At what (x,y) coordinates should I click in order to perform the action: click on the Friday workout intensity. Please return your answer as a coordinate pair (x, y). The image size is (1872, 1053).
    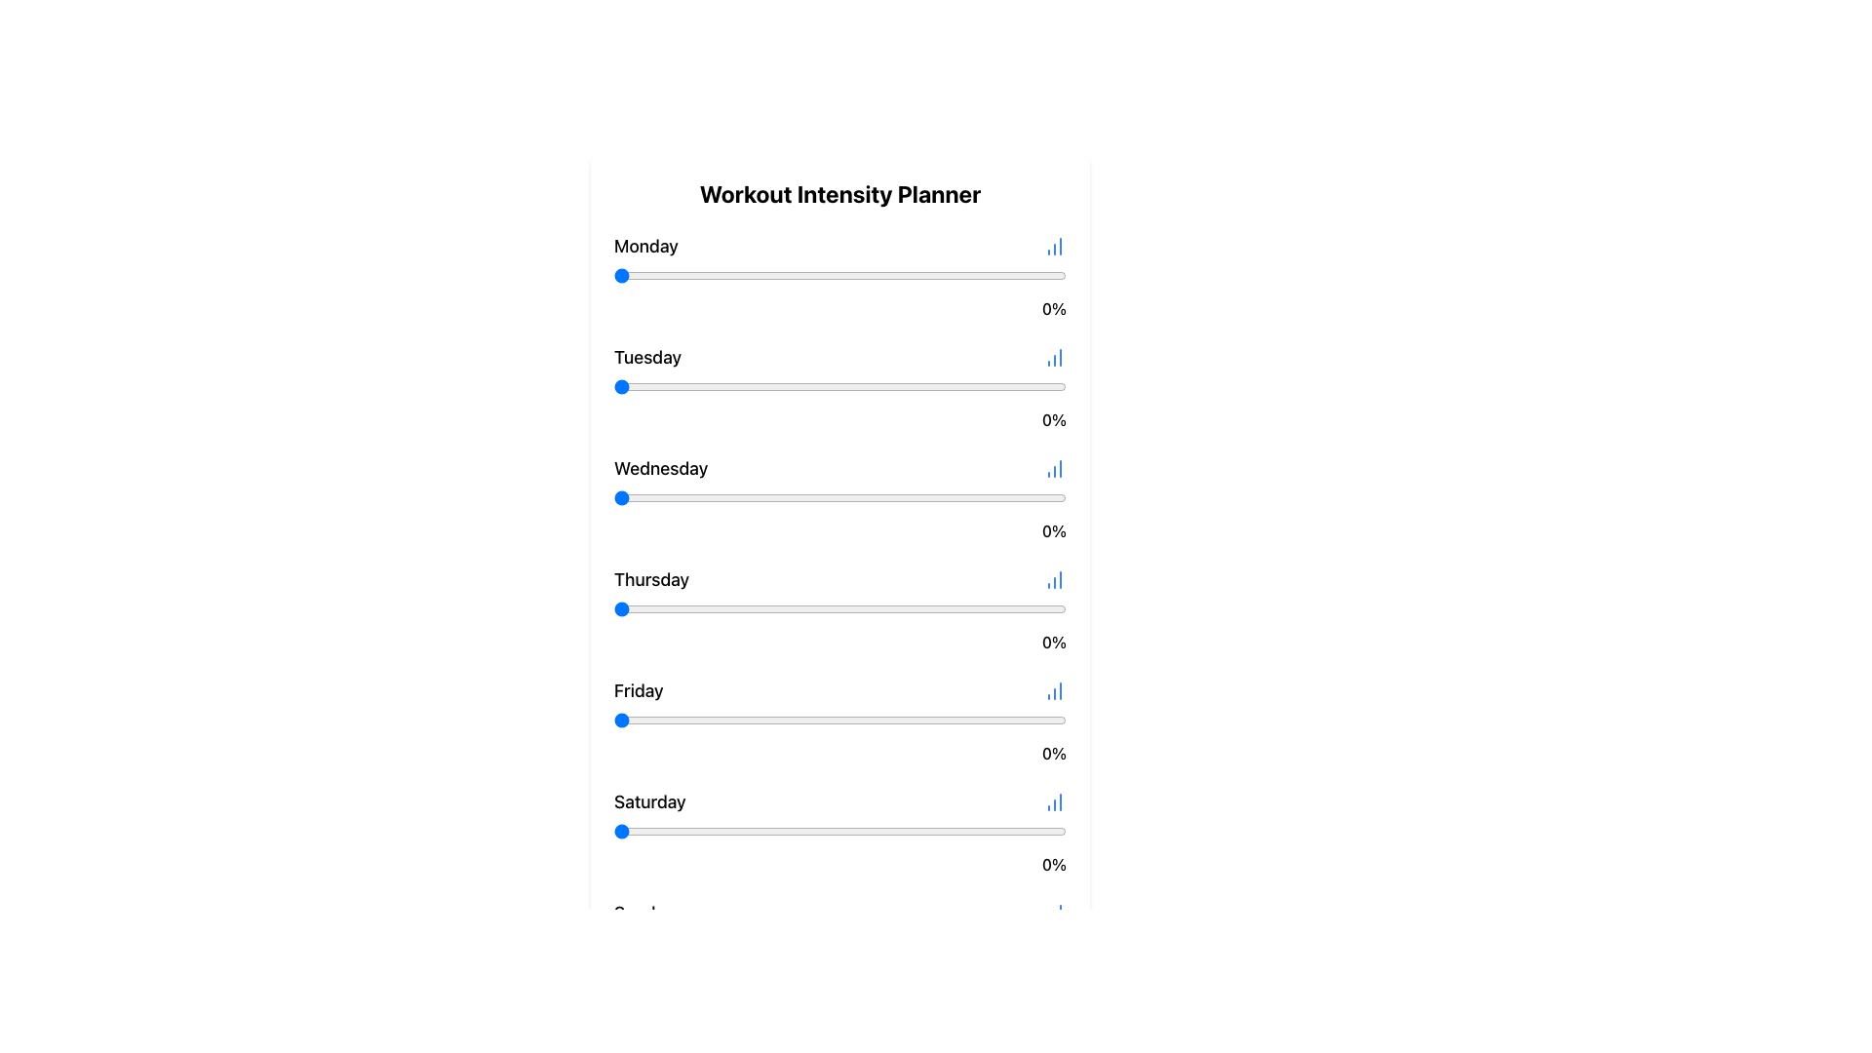
    Looking at the image, I should click on (954, 721).